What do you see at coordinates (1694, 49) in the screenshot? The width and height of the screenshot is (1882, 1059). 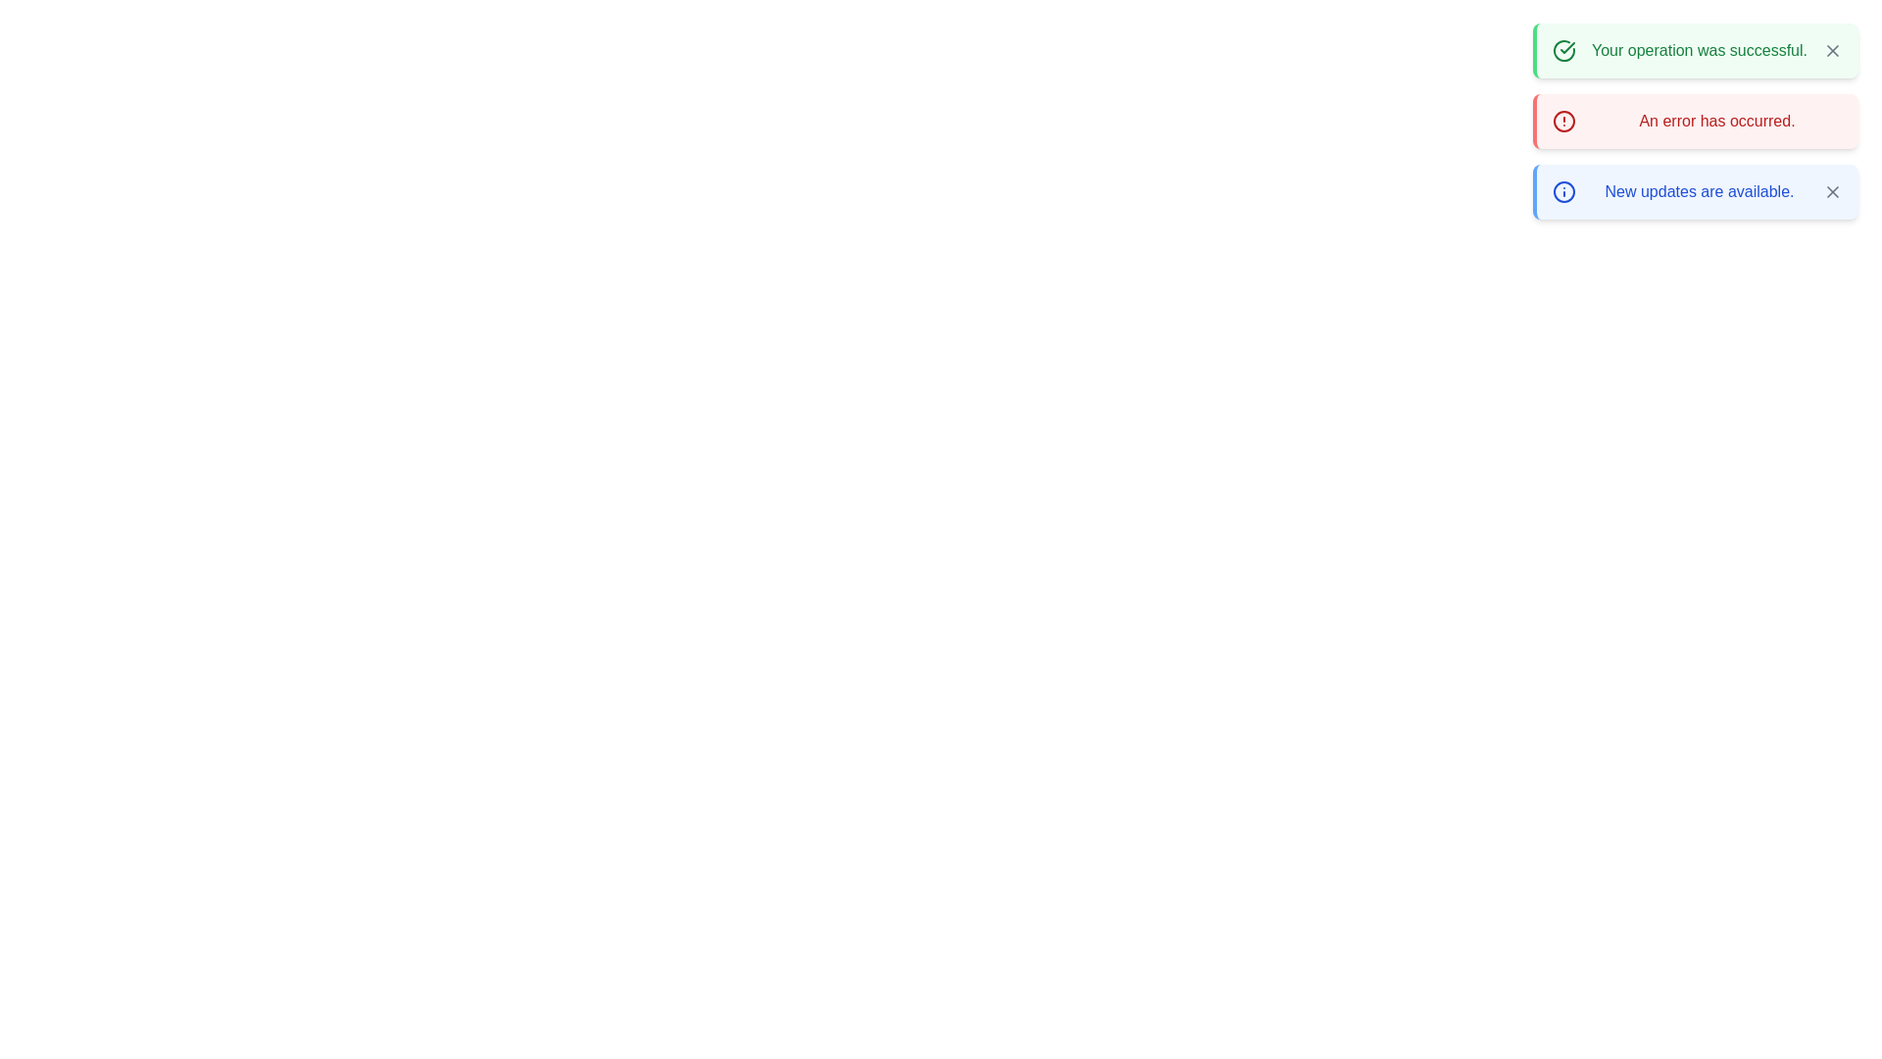 I see `the alert with the message 'Your operation was successful.' to see the hover effect` at bounding box center [1694, 49].